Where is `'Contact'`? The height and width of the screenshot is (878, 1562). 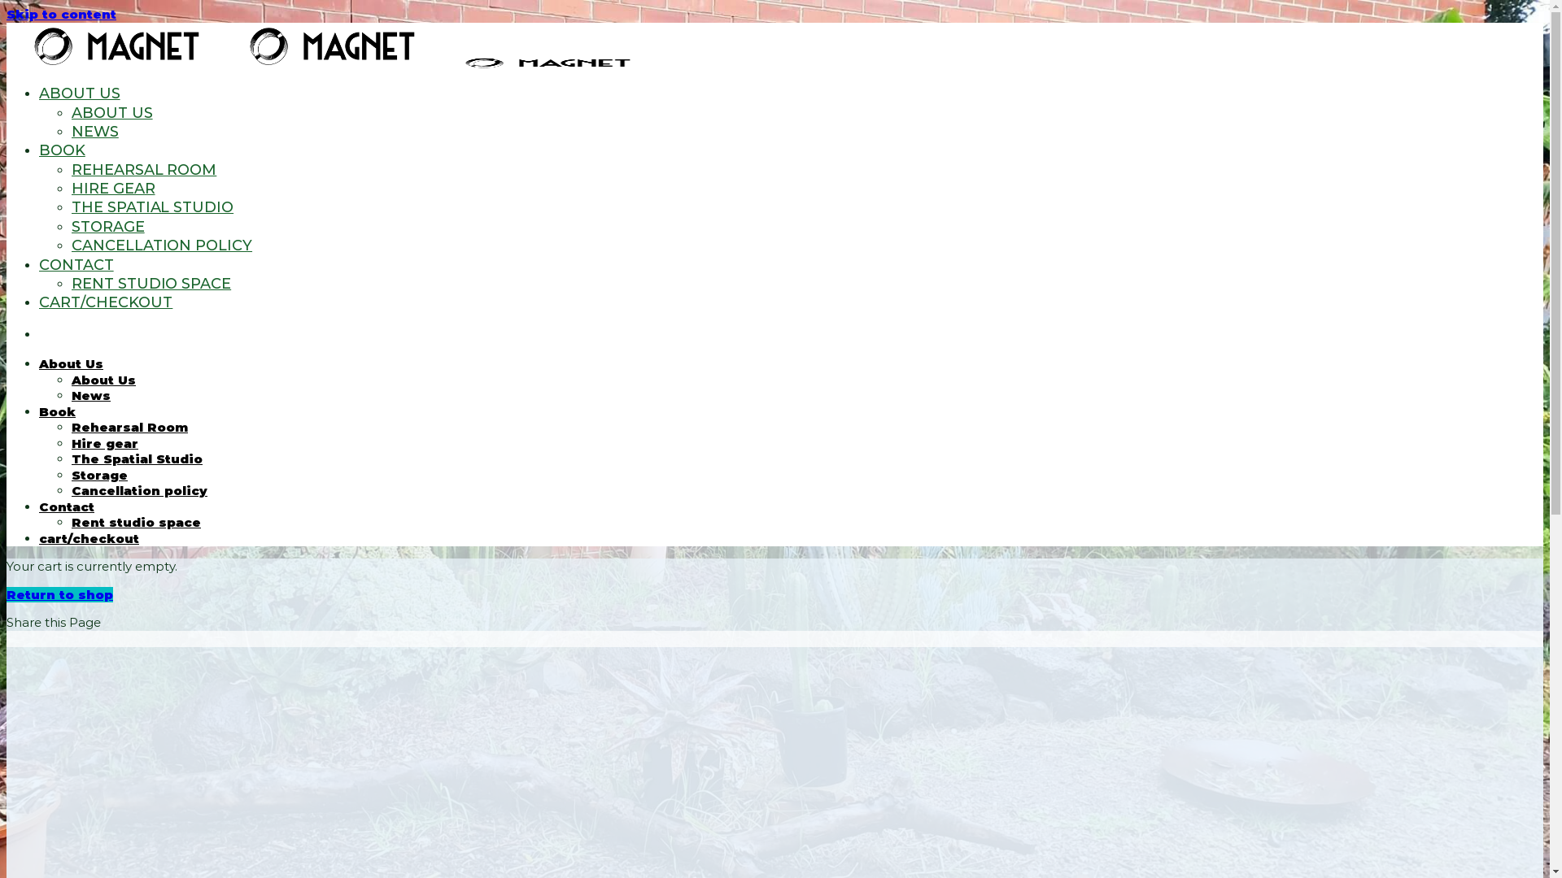
'Contact' is located at coordinates (65, 506).